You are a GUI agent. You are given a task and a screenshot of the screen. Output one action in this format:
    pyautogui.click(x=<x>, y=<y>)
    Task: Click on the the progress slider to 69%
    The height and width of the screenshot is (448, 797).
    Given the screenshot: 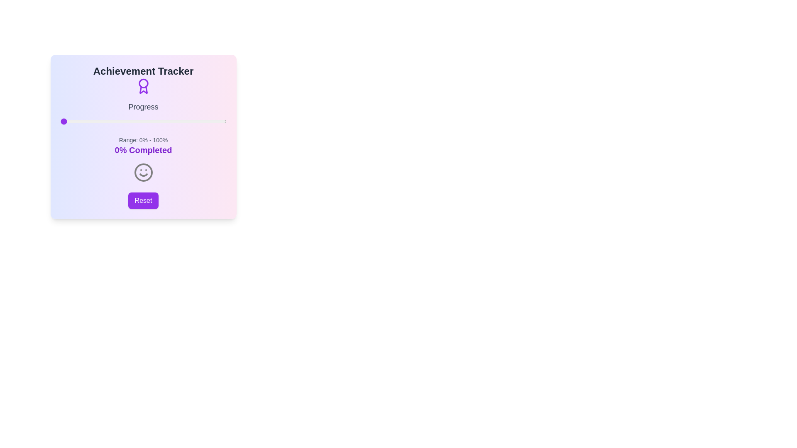 What is the action you would take?
    pyautogui.click(x=174, y=122)
    